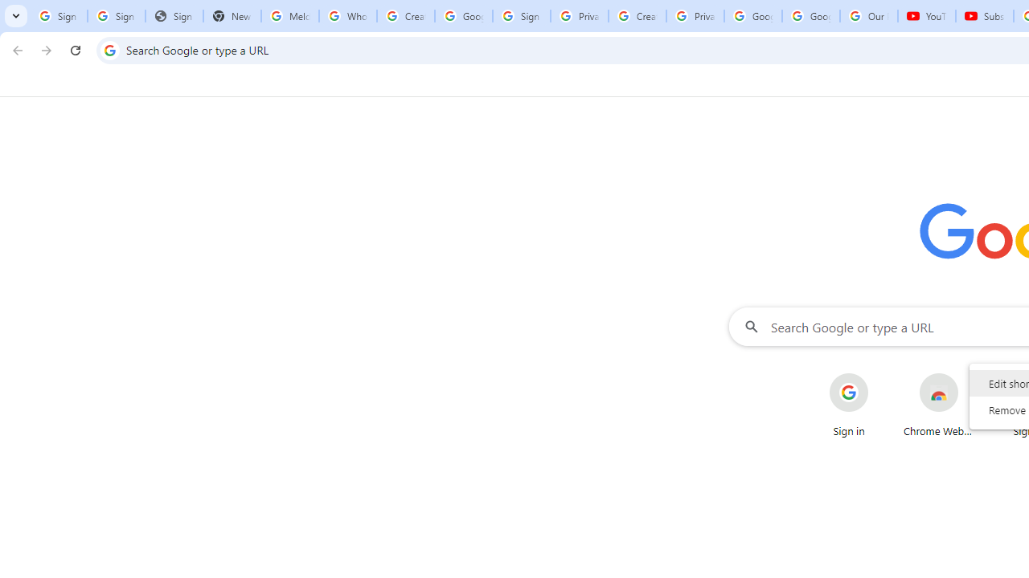 This screenshot has height=578, width=1029. What do you see at coordinates (232, 16) in the screenshot?
I see `'New Tab'` at bounding box center [232, 16].